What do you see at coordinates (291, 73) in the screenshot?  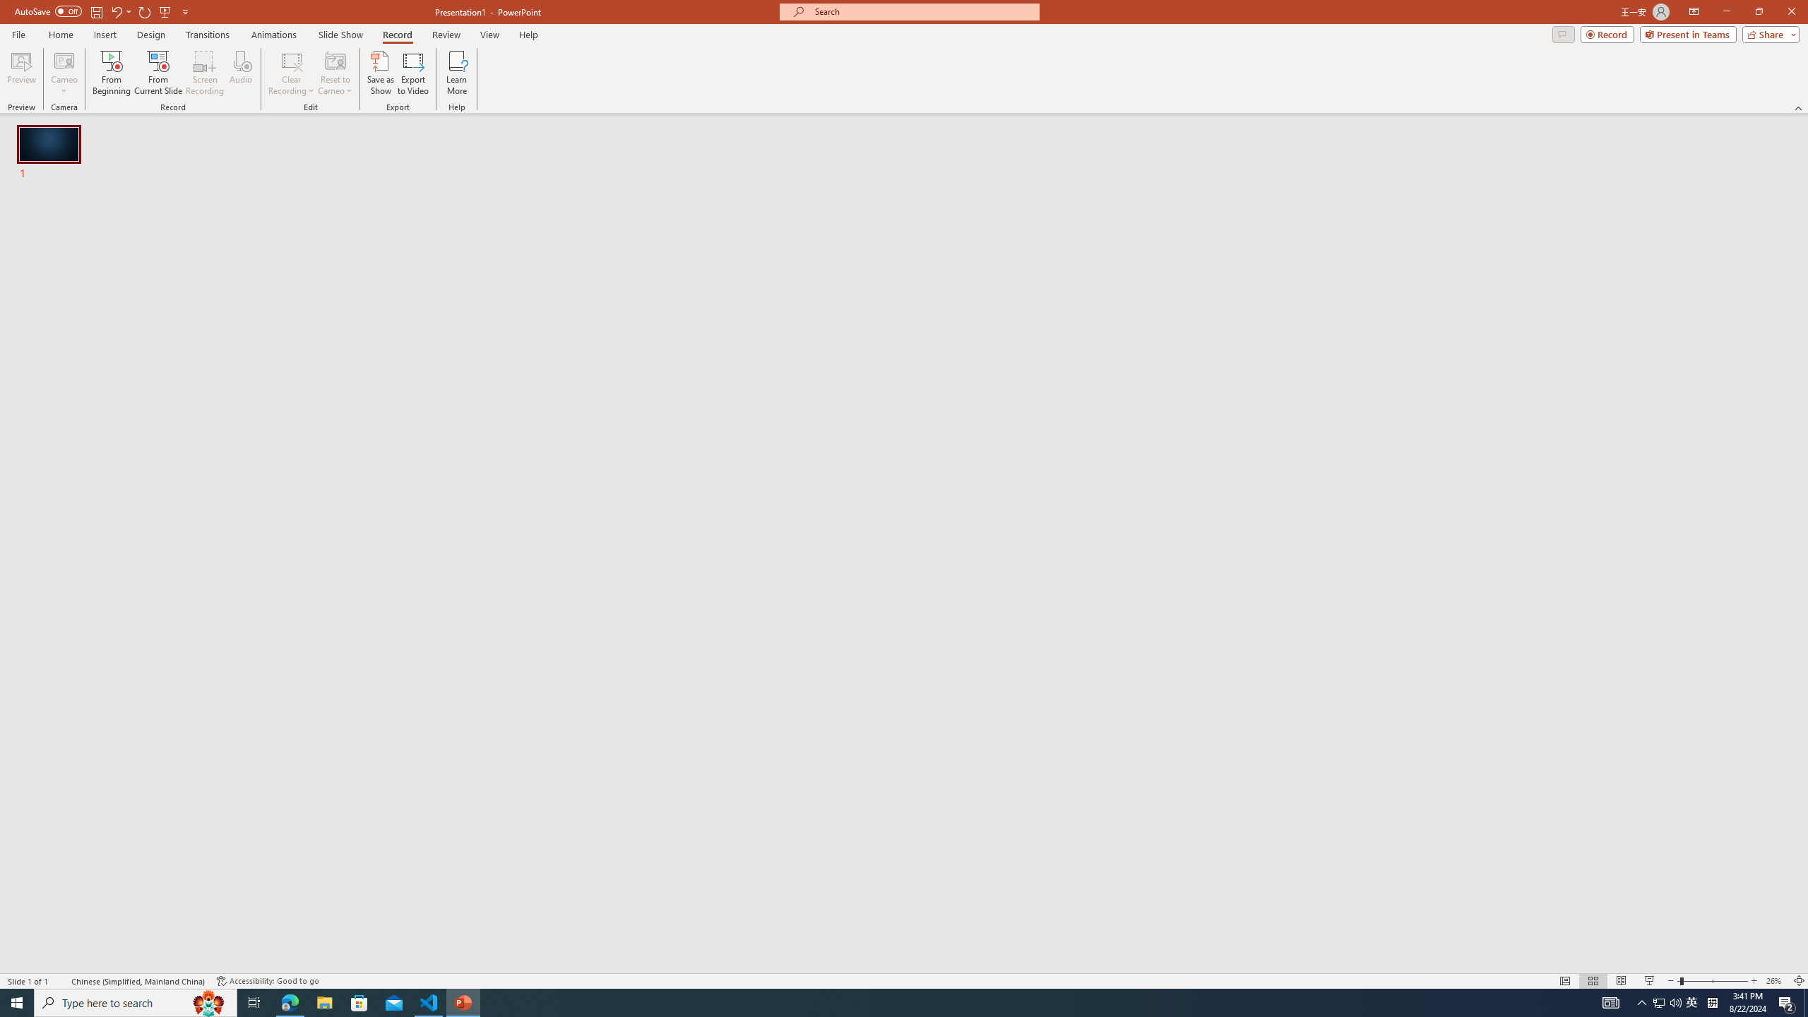 I see `'Clear Recording'` at bounding box center [291, 73].